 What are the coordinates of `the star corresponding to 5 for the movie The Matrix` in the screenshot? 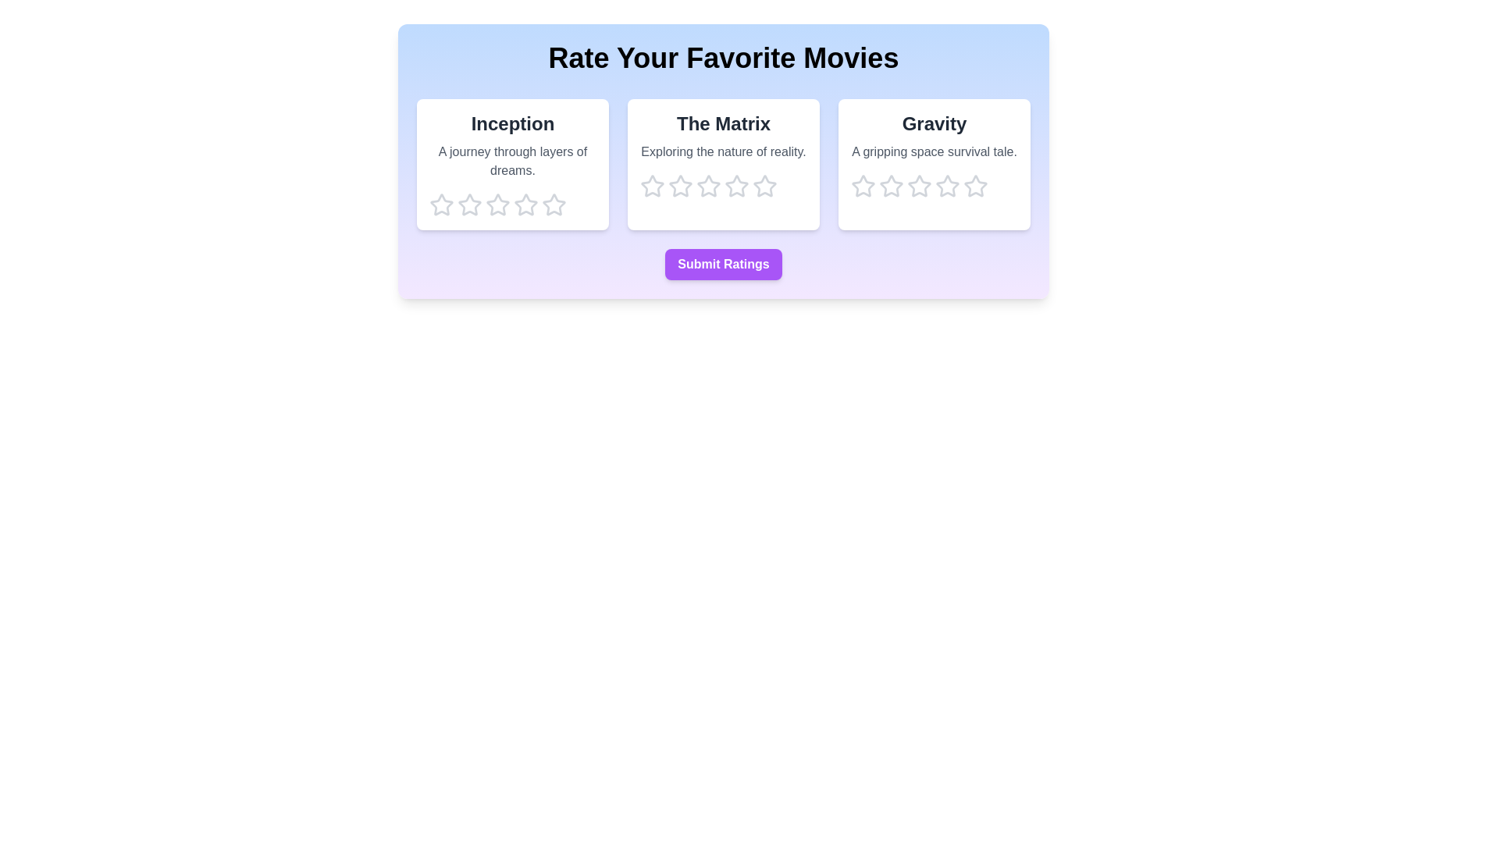 It's located at (764, 186).